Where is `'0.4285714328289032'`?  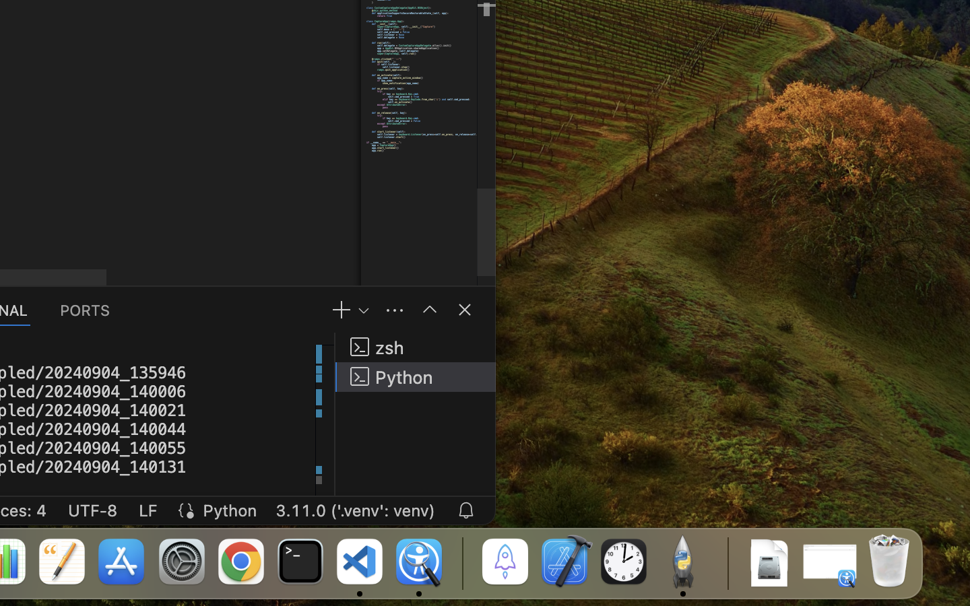 '0.4285714328289032' is located at coordinates (461, 562).